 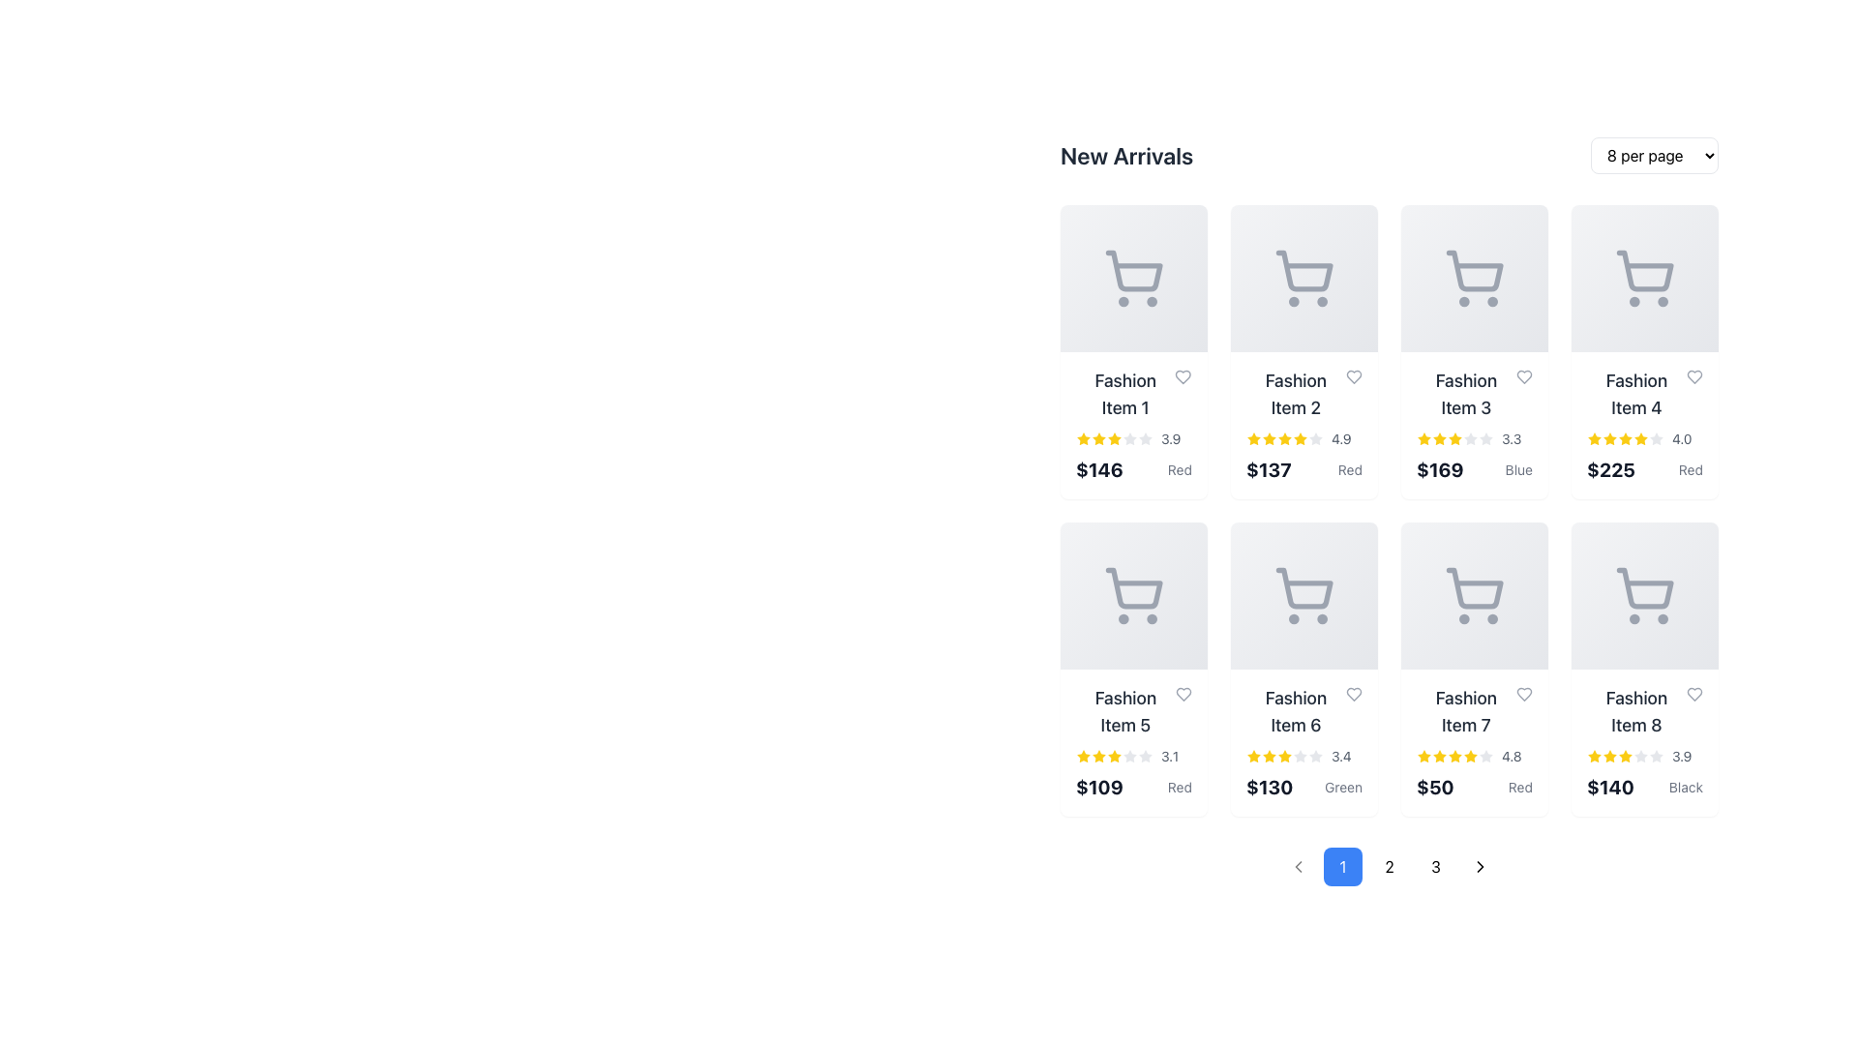 I want to click on the yellow star icon representing the second item in the top row of the product rating system, located above the price of 'Fashion Item 2', so click(x=1254, y=438).